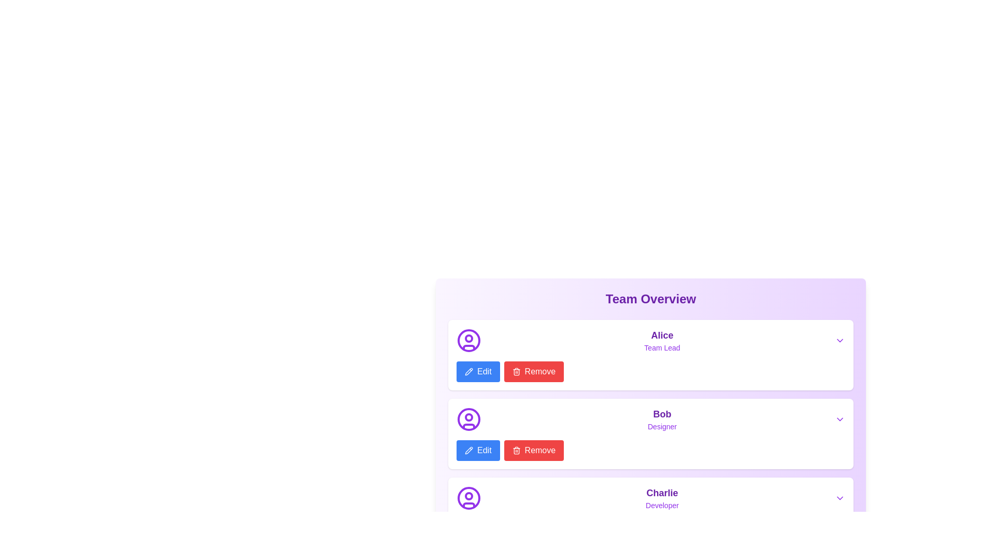 The image size is (995, 560). What do you see at coordinates (516, 451) in the screenshot?
I see `the trash bin icon on the red 'Remove' button, located to the right of the 'Edit' button in the second entry of the user cards list` at bounding box center [516, 451].